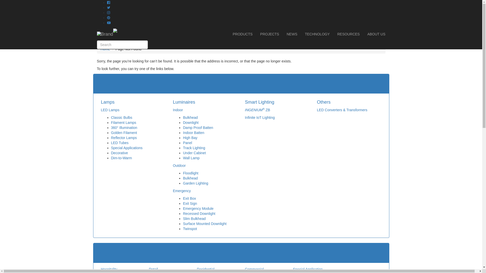 The image size is (486, 273). What do you see at coordinates (190, 173) in the screenshot?
I see `'Floodlight'` at bounding box center [190, 173].